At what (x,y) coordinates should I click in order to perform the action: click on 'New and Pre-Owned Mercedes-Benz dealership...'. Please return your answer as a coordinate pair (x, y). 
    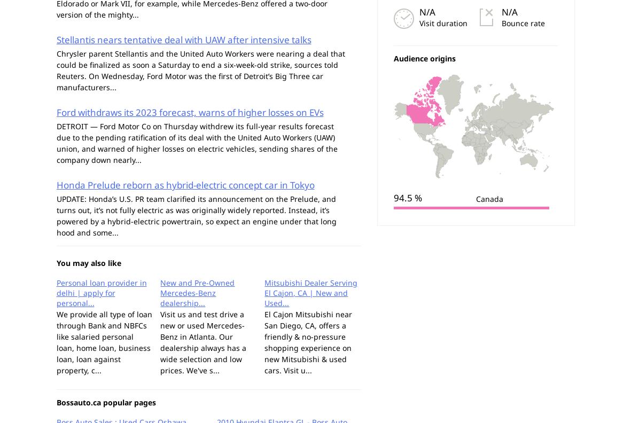
    Looking at the image, I should click on (197, 293).